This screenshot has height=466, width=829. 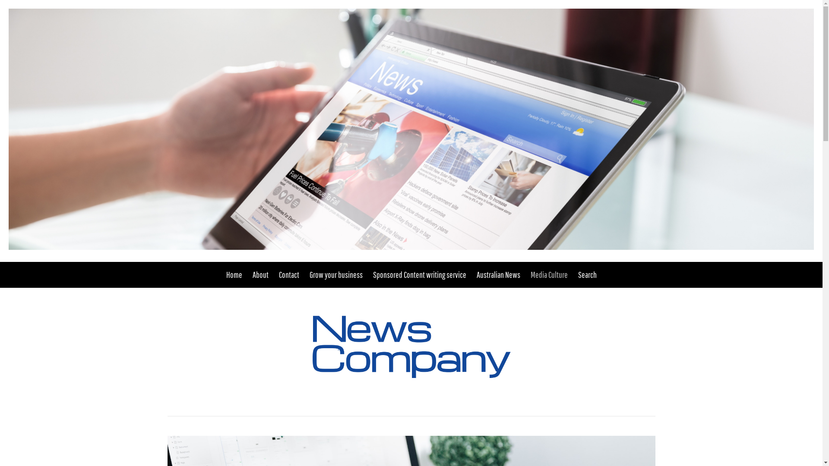 I want to click on 'Sponsored Content writing service', so click(x=419, y=274).